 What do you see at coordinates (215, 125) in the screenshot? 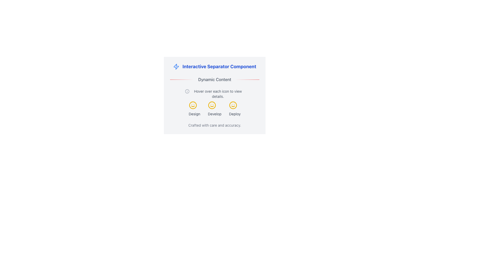
I see `the text label that reads 'Crafted with care and accuracy.' located at the bottom of the interface, centered below the components 'Design,' 'Develop,' and 'Deploy.'` at bounding box center [215, 125].